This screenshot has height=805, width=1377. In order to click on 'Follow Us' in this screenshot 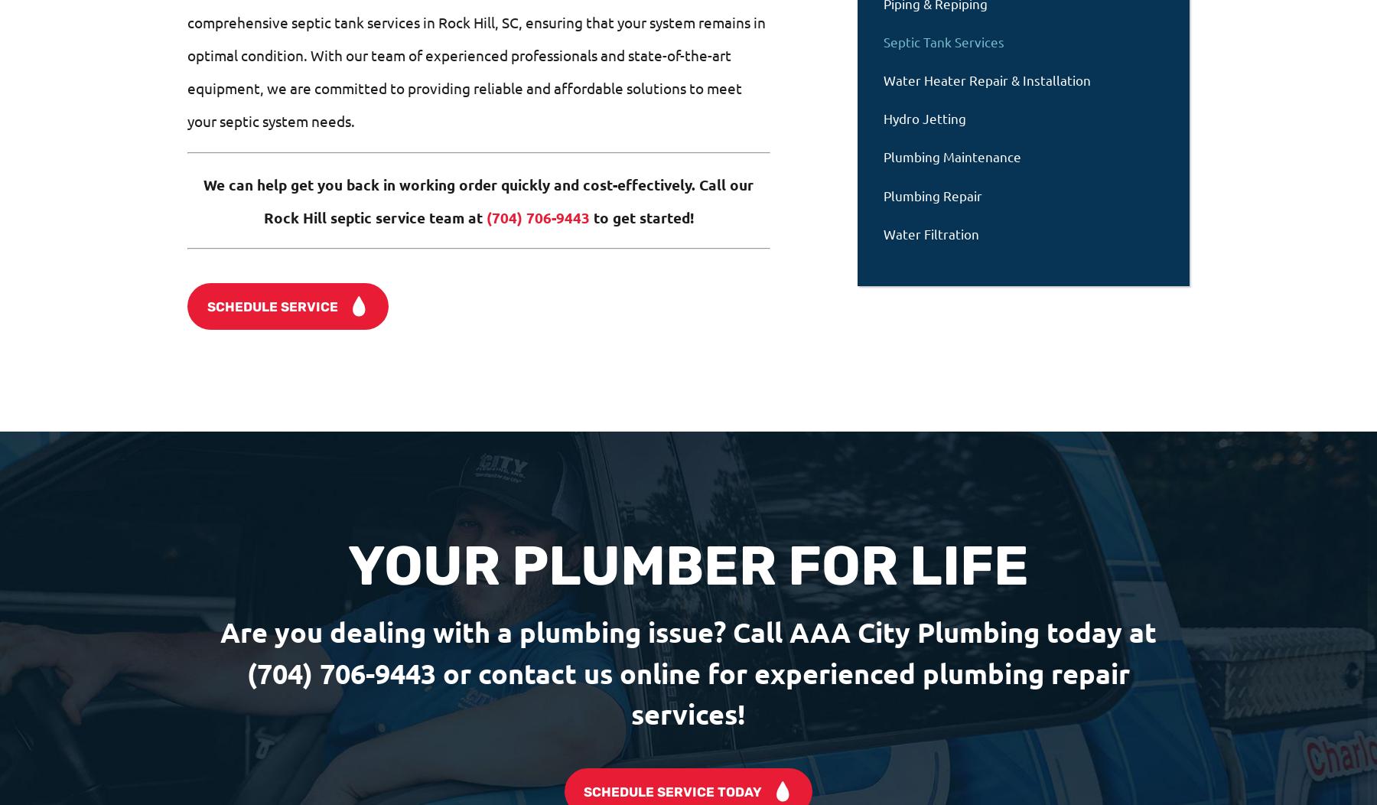, I will do `click(1108, 592)`.